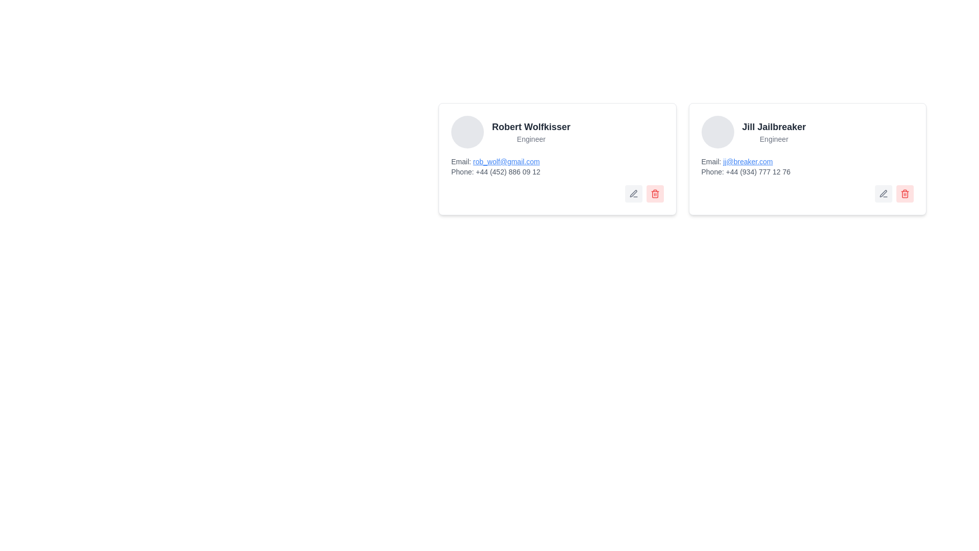 The image size is (979, 551). Describe the element at coordinates (506, 161) in the screenshot. I see `the clickable email address 'rob_wolf@gmail.com' displayed in blue text with underline style, which is located within the contact card titled 'Robert Wolfkisser'` at that location.